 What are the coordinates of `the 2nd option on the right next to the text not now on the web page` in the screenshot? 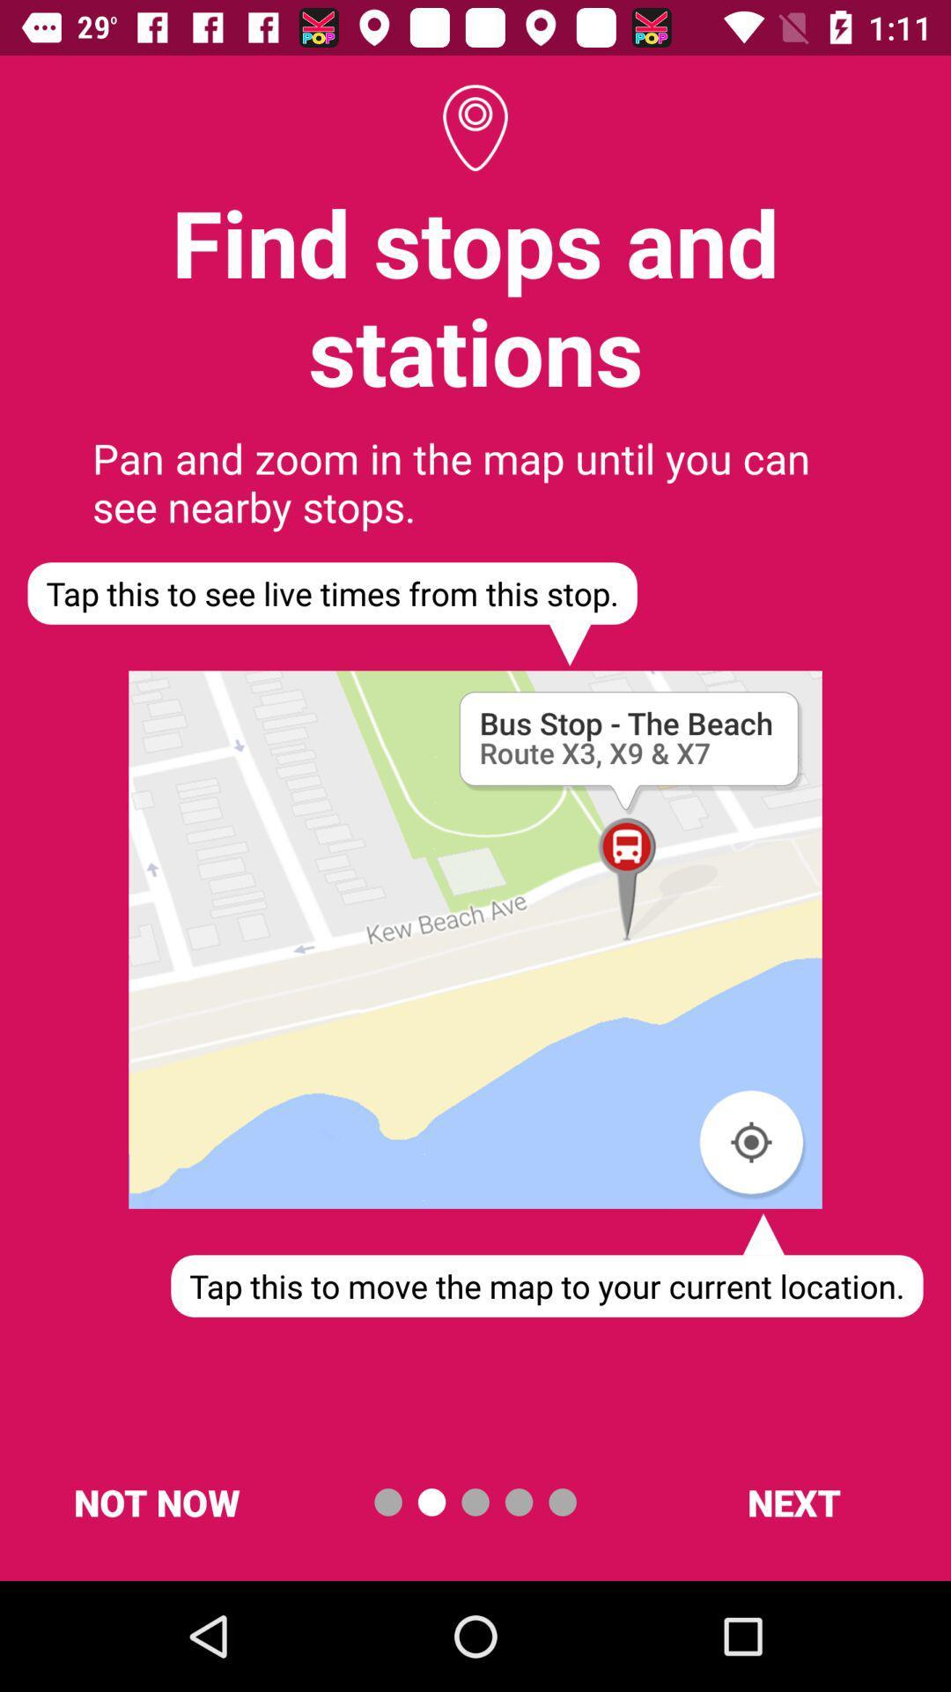 It's located at (431, 1501).